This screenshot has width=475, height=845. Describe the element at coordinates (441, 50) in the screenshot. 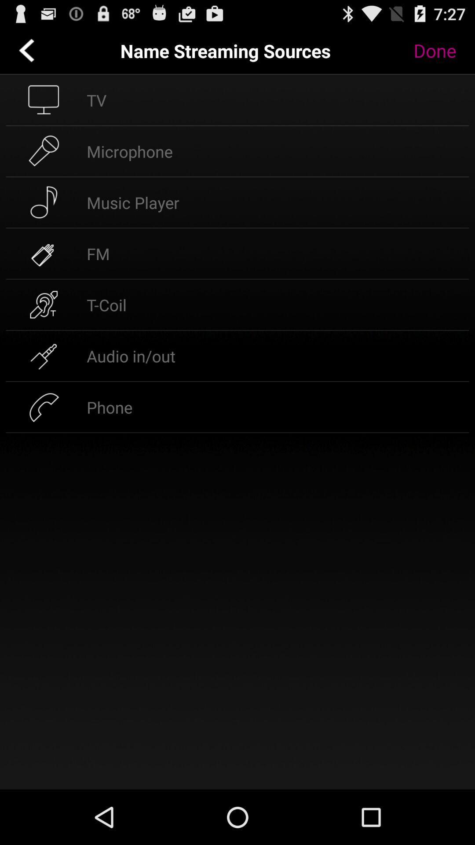

I see `done` at that location.